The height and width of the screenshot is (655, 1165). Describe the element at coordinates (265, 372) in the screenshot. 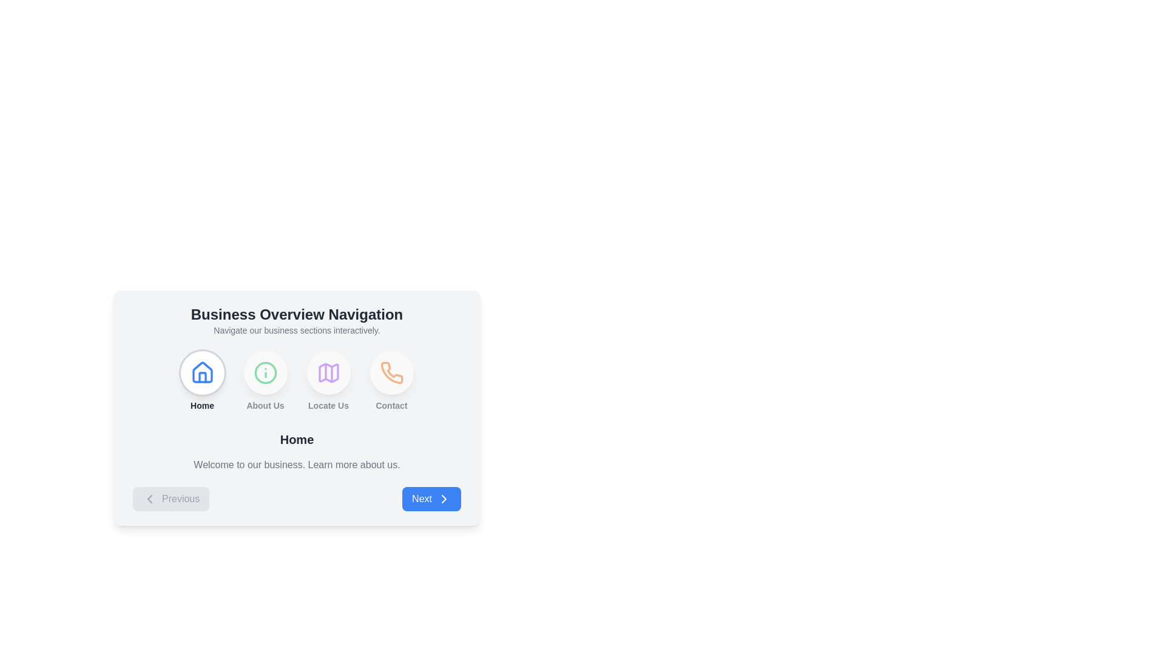

I see `the 'About Us' icon, which is the main visual component located above the 'About Us' label in the navigation section` at that location.